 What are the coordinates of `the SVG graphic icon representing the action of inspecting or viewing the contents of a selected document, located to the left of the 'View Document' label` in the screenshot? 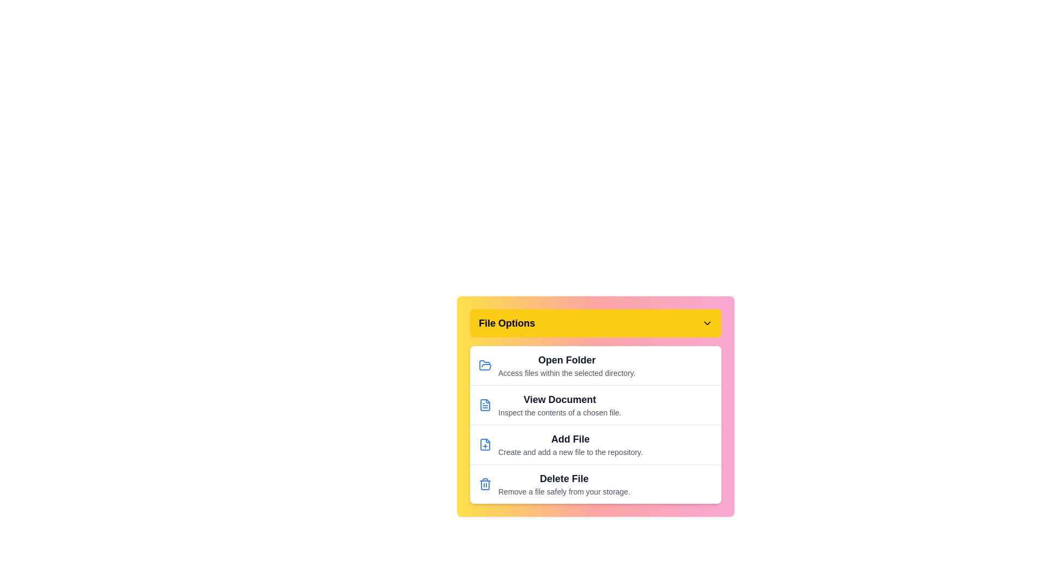 It's located at (485, 405).